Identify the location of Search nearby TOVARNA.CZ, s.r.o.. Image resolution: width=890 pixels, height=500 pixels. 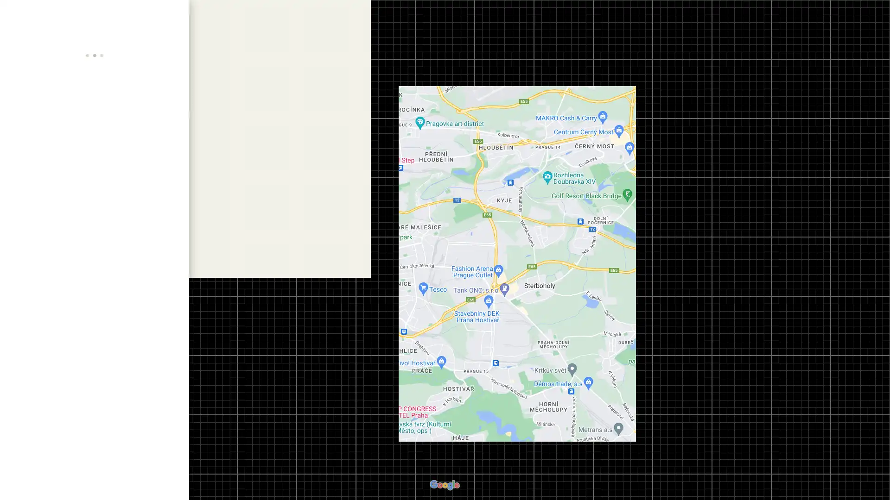
(94, 181).